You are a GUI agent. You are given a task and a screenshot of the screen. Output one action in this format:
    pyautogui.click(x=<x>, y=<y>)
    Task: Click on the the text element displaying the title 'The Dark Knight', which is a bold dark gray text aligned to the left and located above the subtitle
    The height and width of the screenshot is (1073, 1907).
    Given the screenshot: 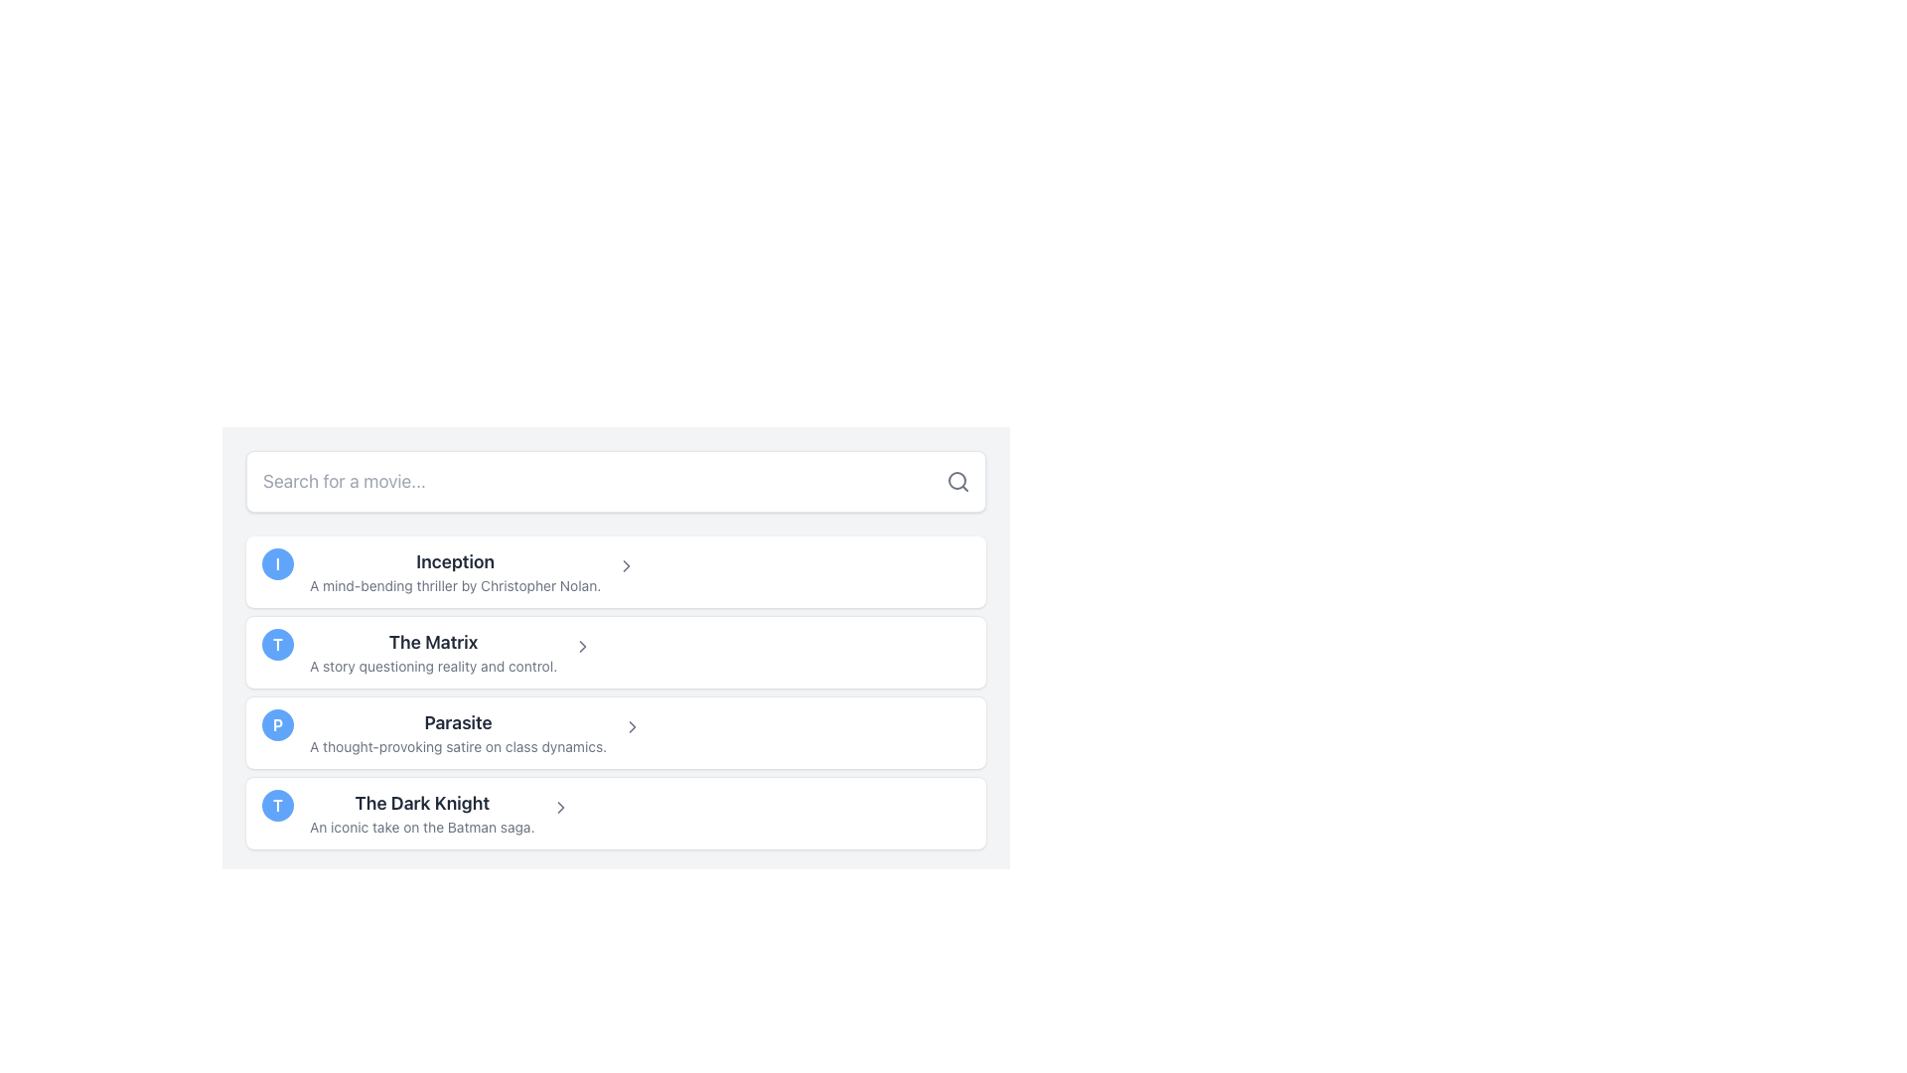 What is the action you would take?
    pyautogui.click(x=421, y=803)
    